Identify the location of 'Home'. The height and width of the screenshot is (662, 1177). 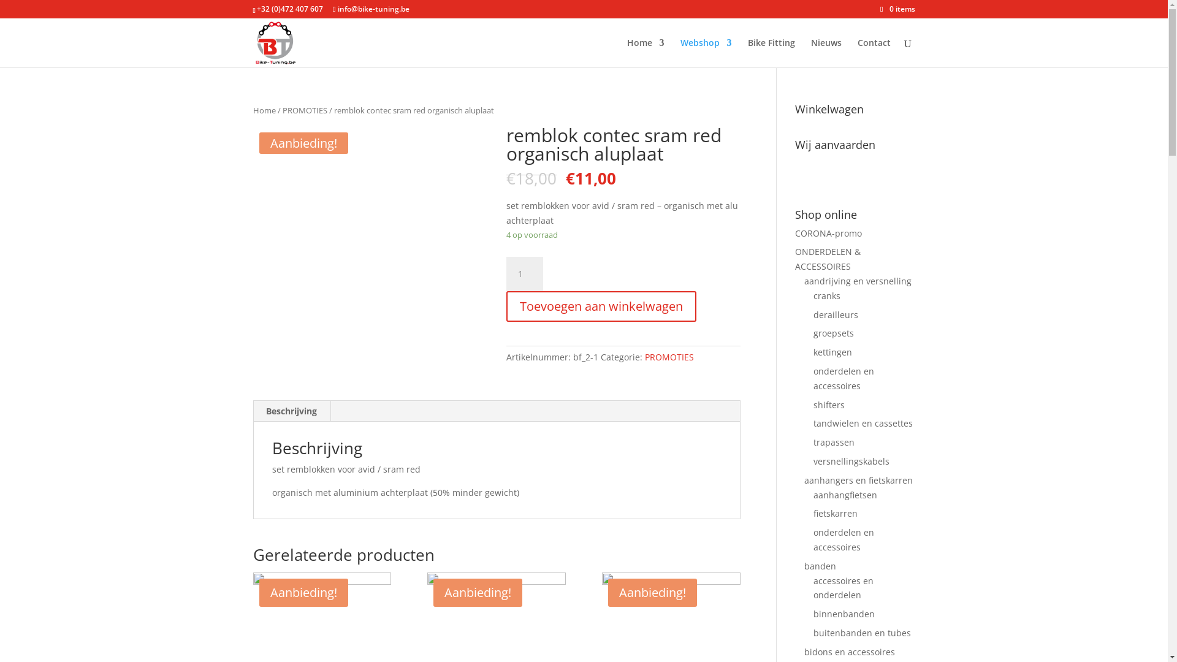
(252, 110).